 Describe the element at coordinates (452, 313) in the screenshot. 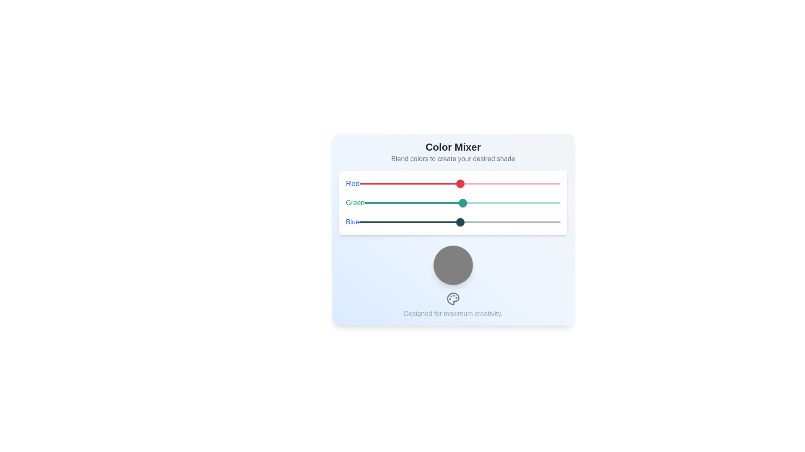

I see `the text element that reads 'Designed for maximum creativity.' which is centrally aligned and positioned below a palette icon` at that location.